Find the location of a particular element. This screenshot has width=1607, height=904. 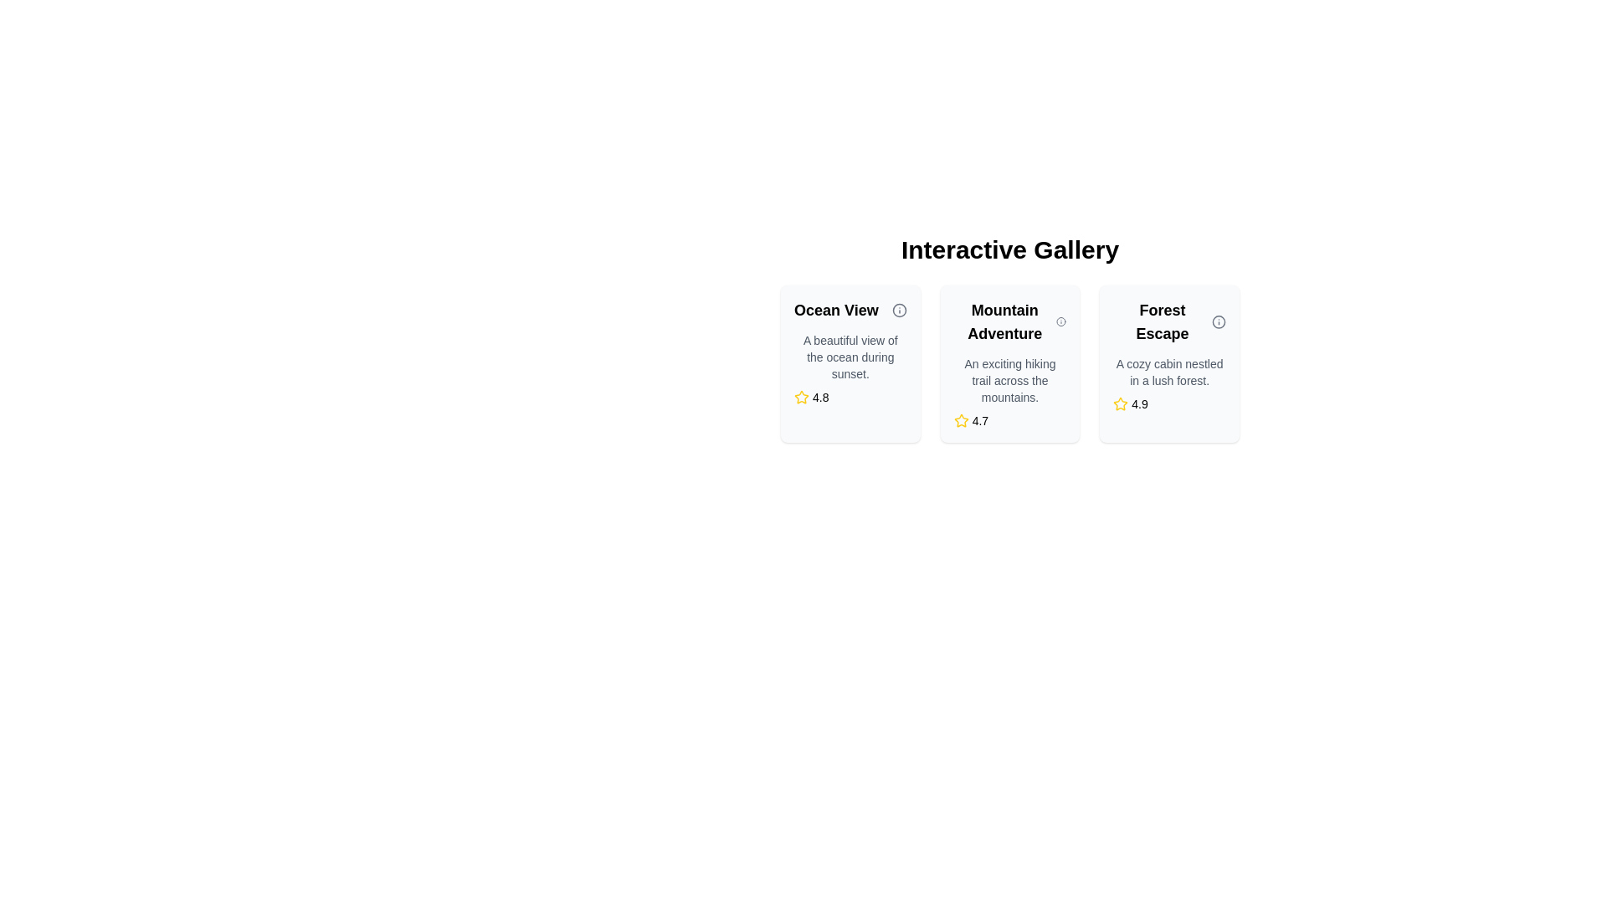

score displayed as '4.8' next to the yellow star icon in the 'Ocean View' card located at the bottom is located at coordinates (820, 397).